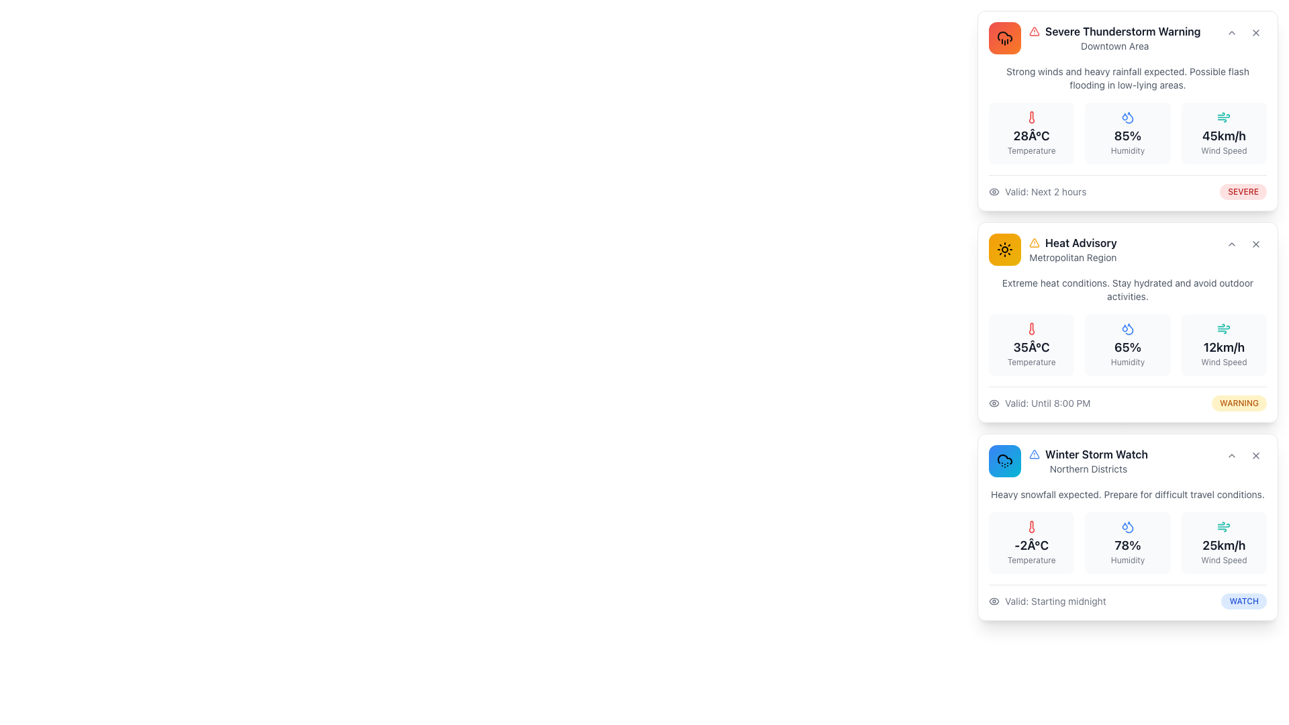  Describe the element at coordinates (1243, 454) in the screenshot. I see `the interactive icons (minimize and close buttons) in the top-right corner of the 'Winter Storm Watch' card` at that location.